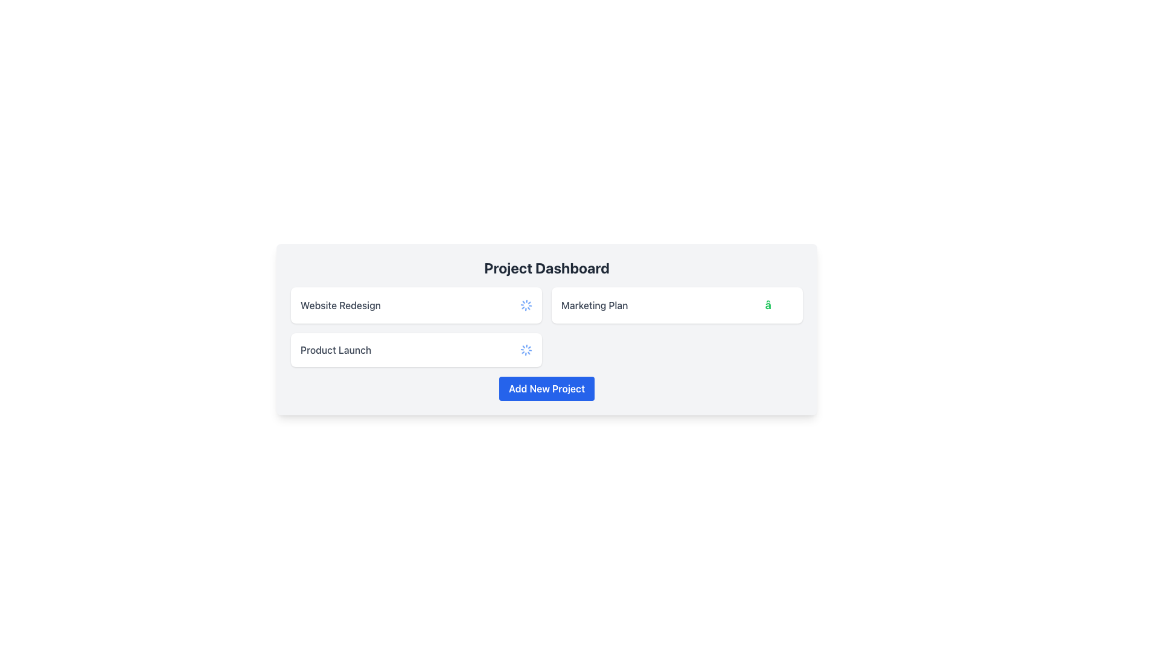 The image size is (1159, 652). Describe the element at coordinates (526, 304) in the screenshot. I see `the animation of the Spinner located to the right of the 'Product Launch' text within the 'Website Redesign' title box` at that location.